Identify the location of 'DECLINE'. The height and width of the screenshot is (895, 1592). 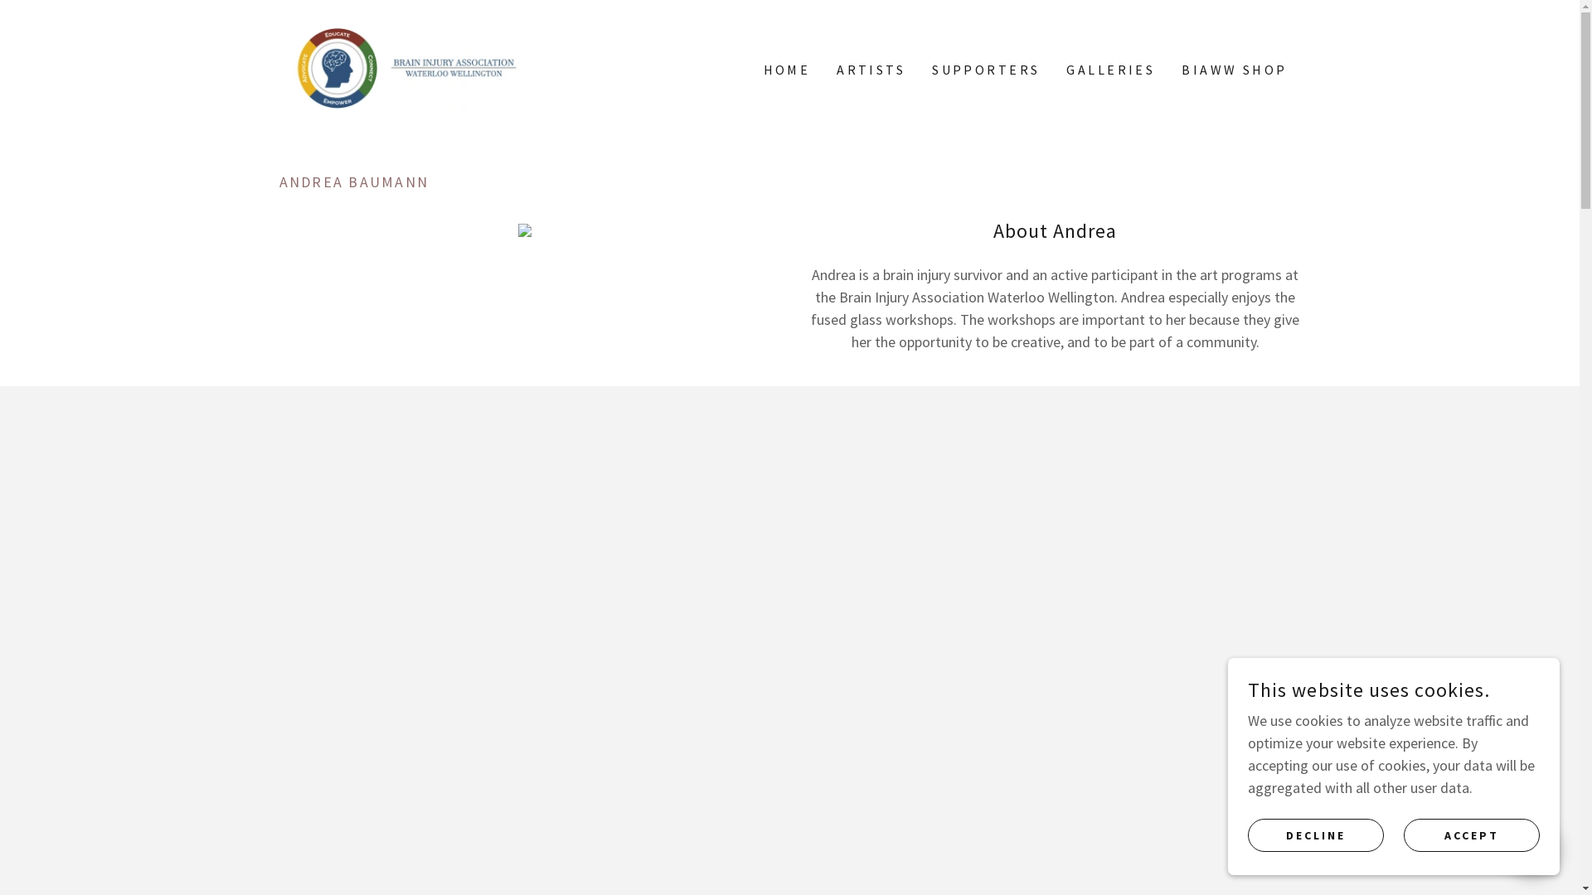
(1315, 835).